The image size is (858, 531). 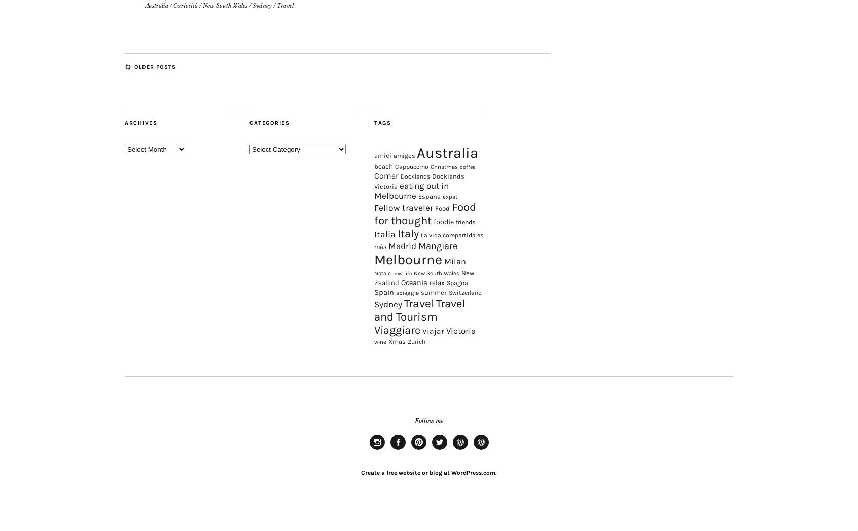 I want to click on 'Fellow traveler', so click(x=403, y=233).